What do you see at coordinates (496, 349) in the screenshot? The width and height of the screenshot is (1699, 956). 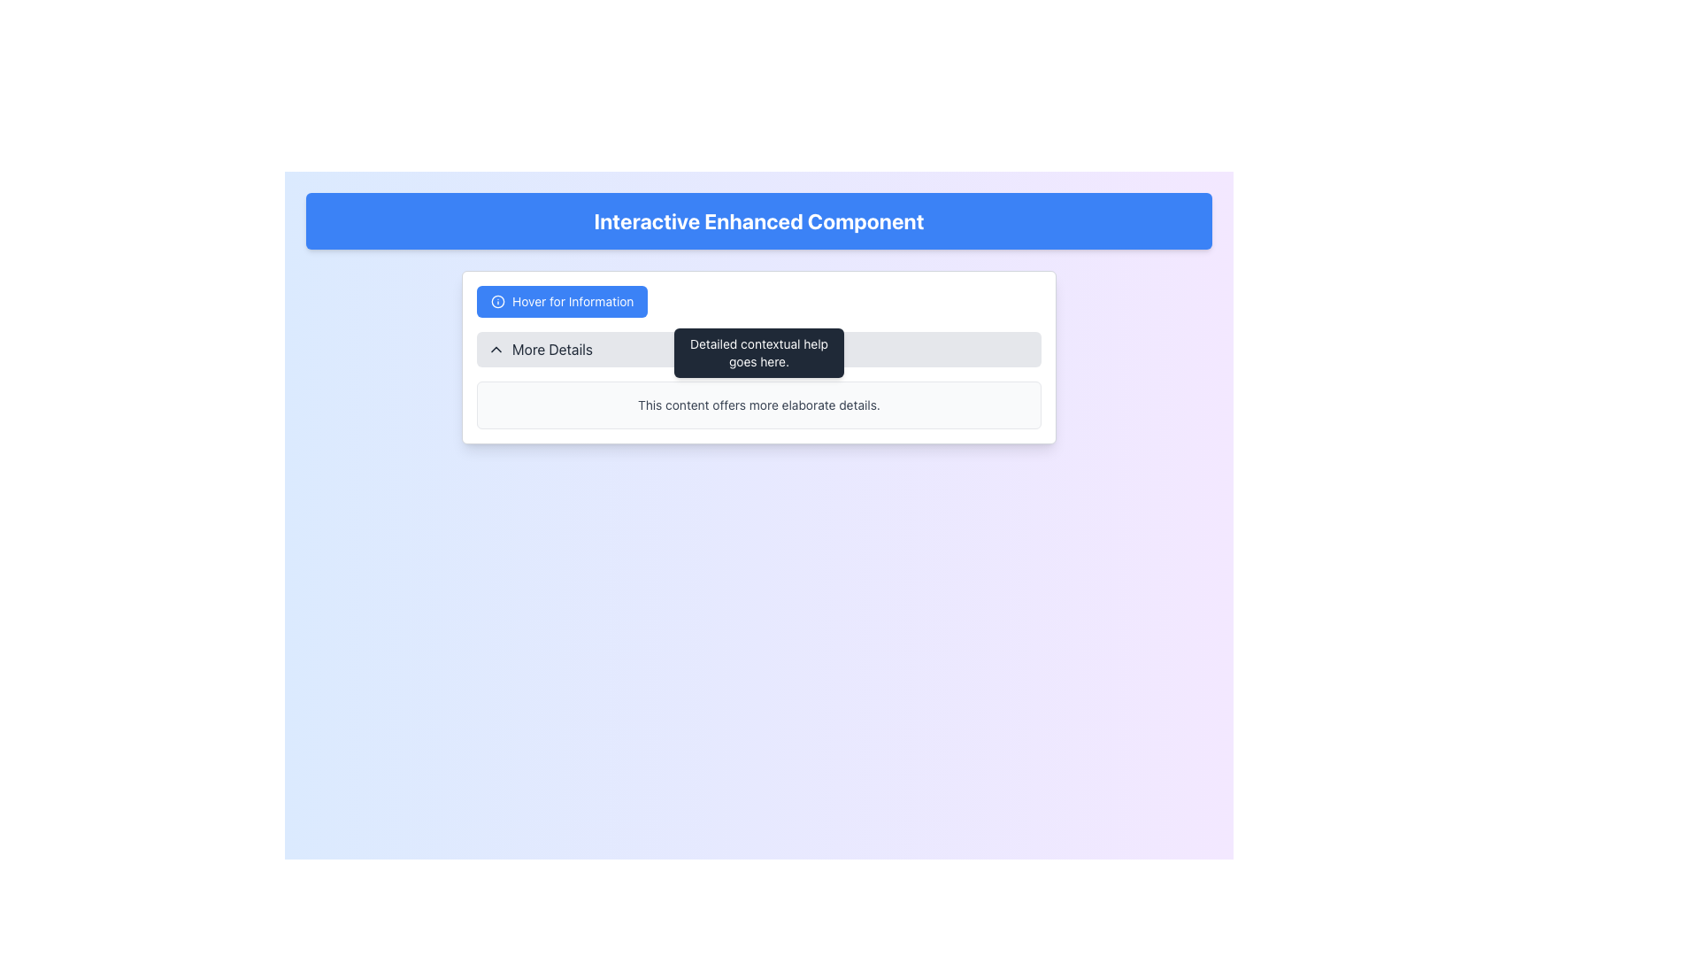 I see `the visual changes of the small downward-pointing chevron icon located to the left of the 'More Details' text label, which is part of a clickable area with a light gray background` at bounding box center [496, 349].